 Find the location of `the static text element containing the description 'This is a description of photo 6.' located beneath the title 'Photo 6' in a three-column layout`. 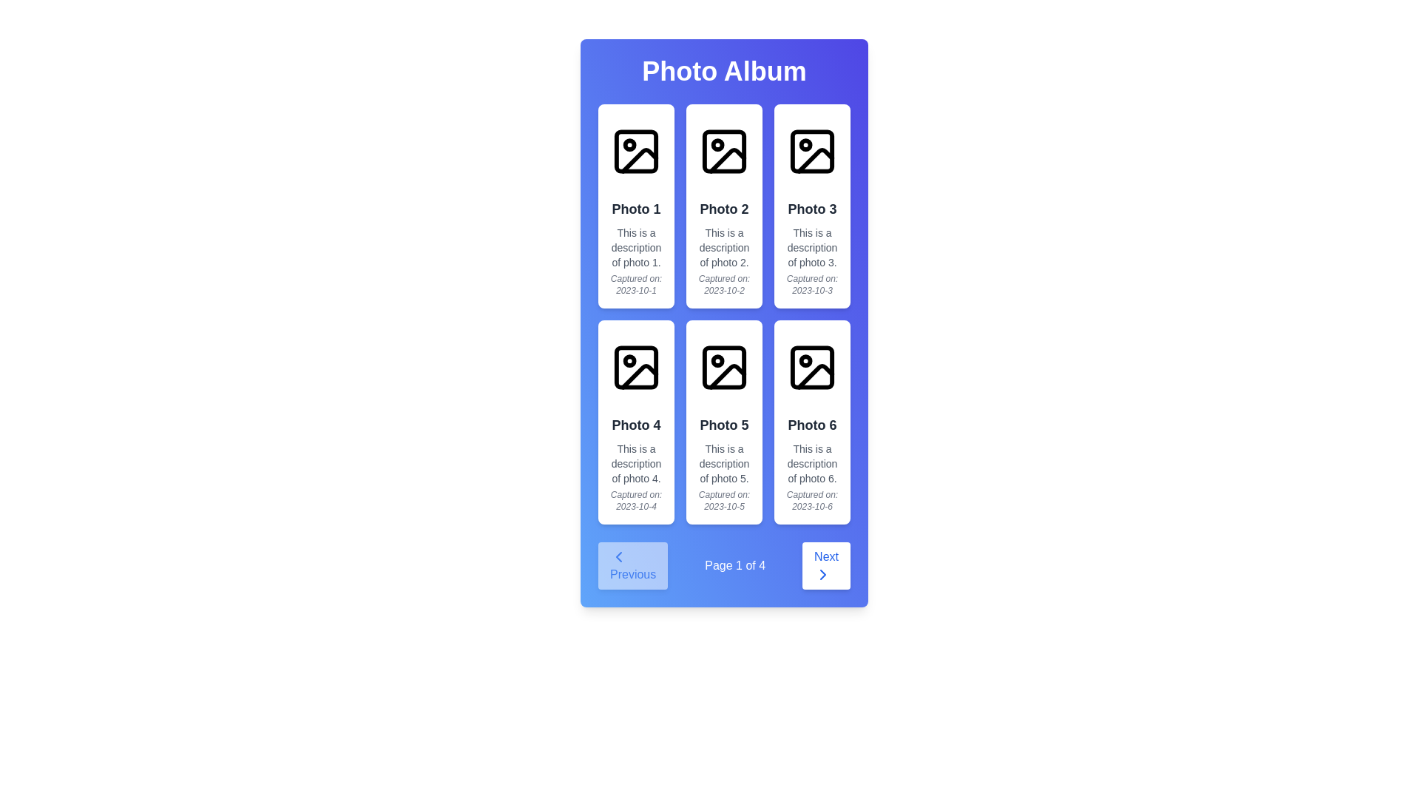

the static text element containing the description 'This is a description of photo 6.' located beneath the title 'Photo 6' in a three-column layout is located at coordinates (811, 463).